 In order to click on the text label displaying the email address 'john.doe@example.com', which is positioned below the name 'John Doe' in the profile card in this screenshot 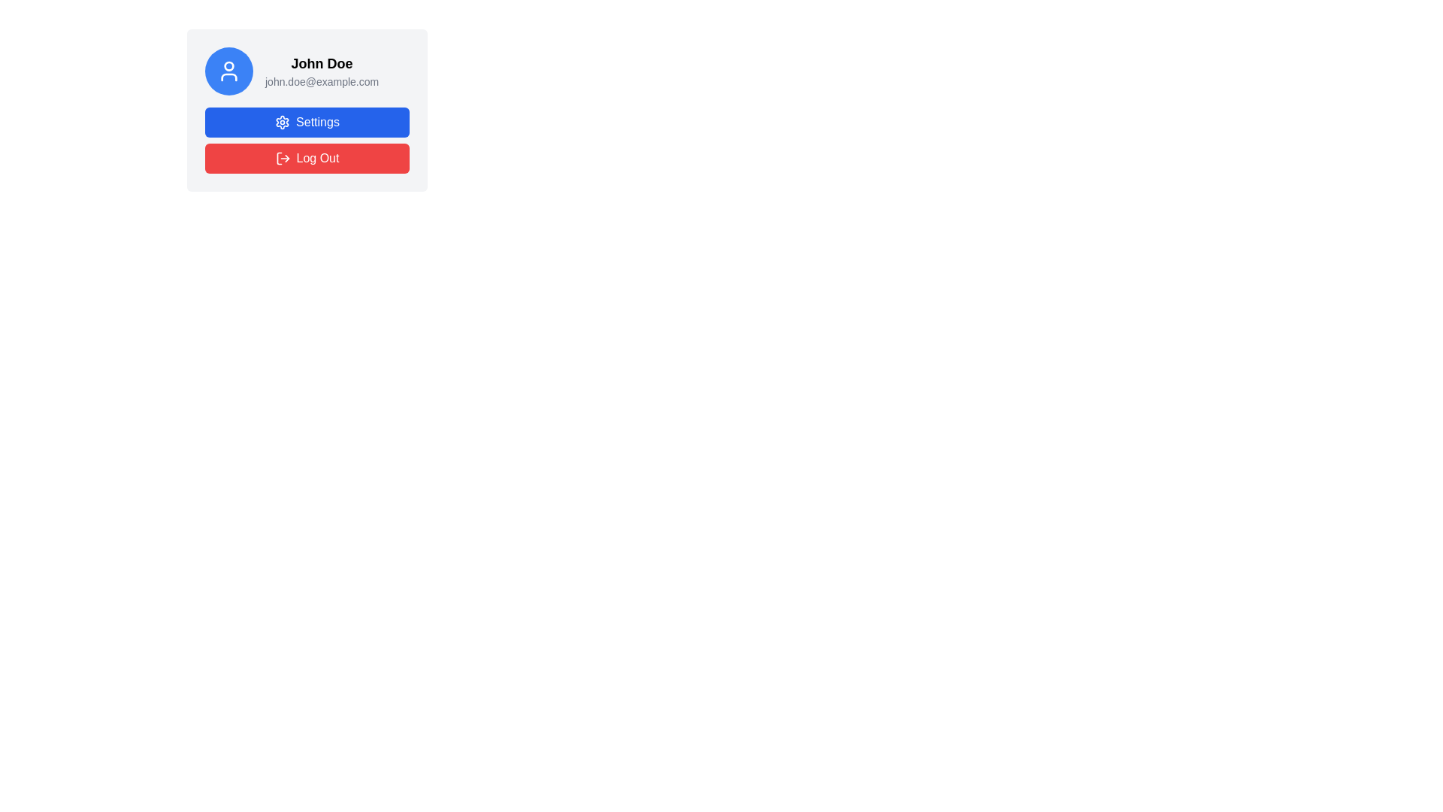, I will do `click(321, 81)`.